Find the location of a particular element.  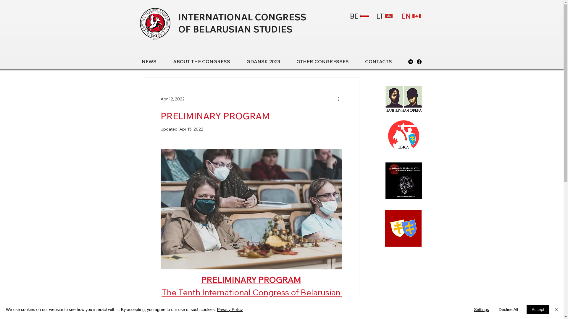

'ABOUT THE CONGRESS' is located at coordinates (206, 61).